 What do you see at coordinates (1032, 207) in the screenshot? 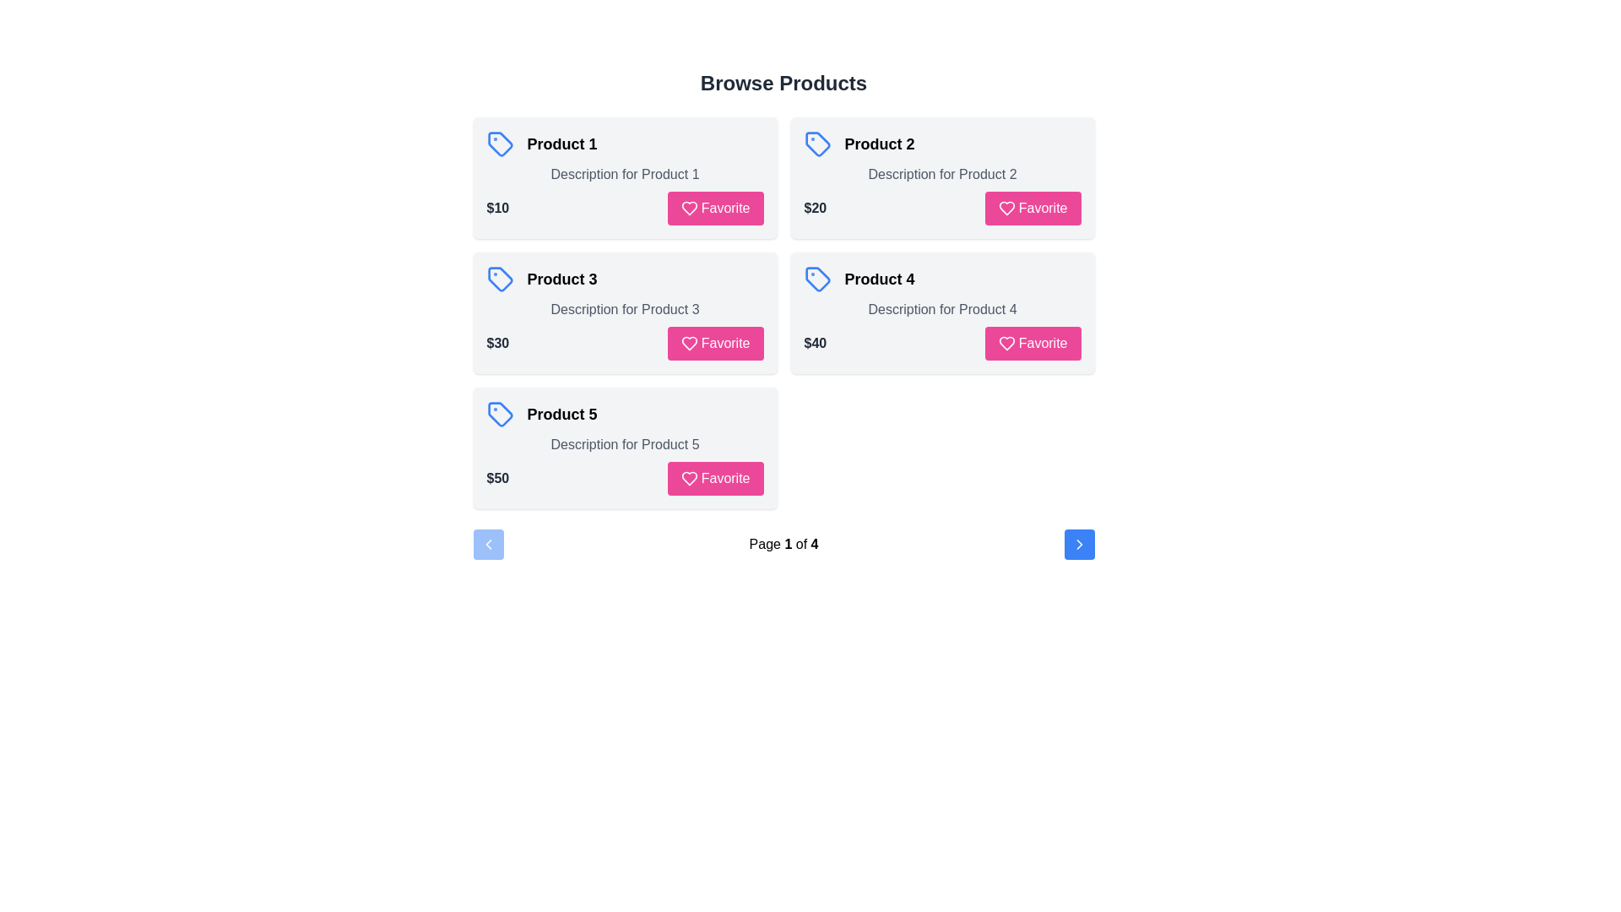
I see `the pink 'Favorite' button with a white heart icon located at the bottom right corner of the 'Product 2' card` at bounding box center [1032, 207].